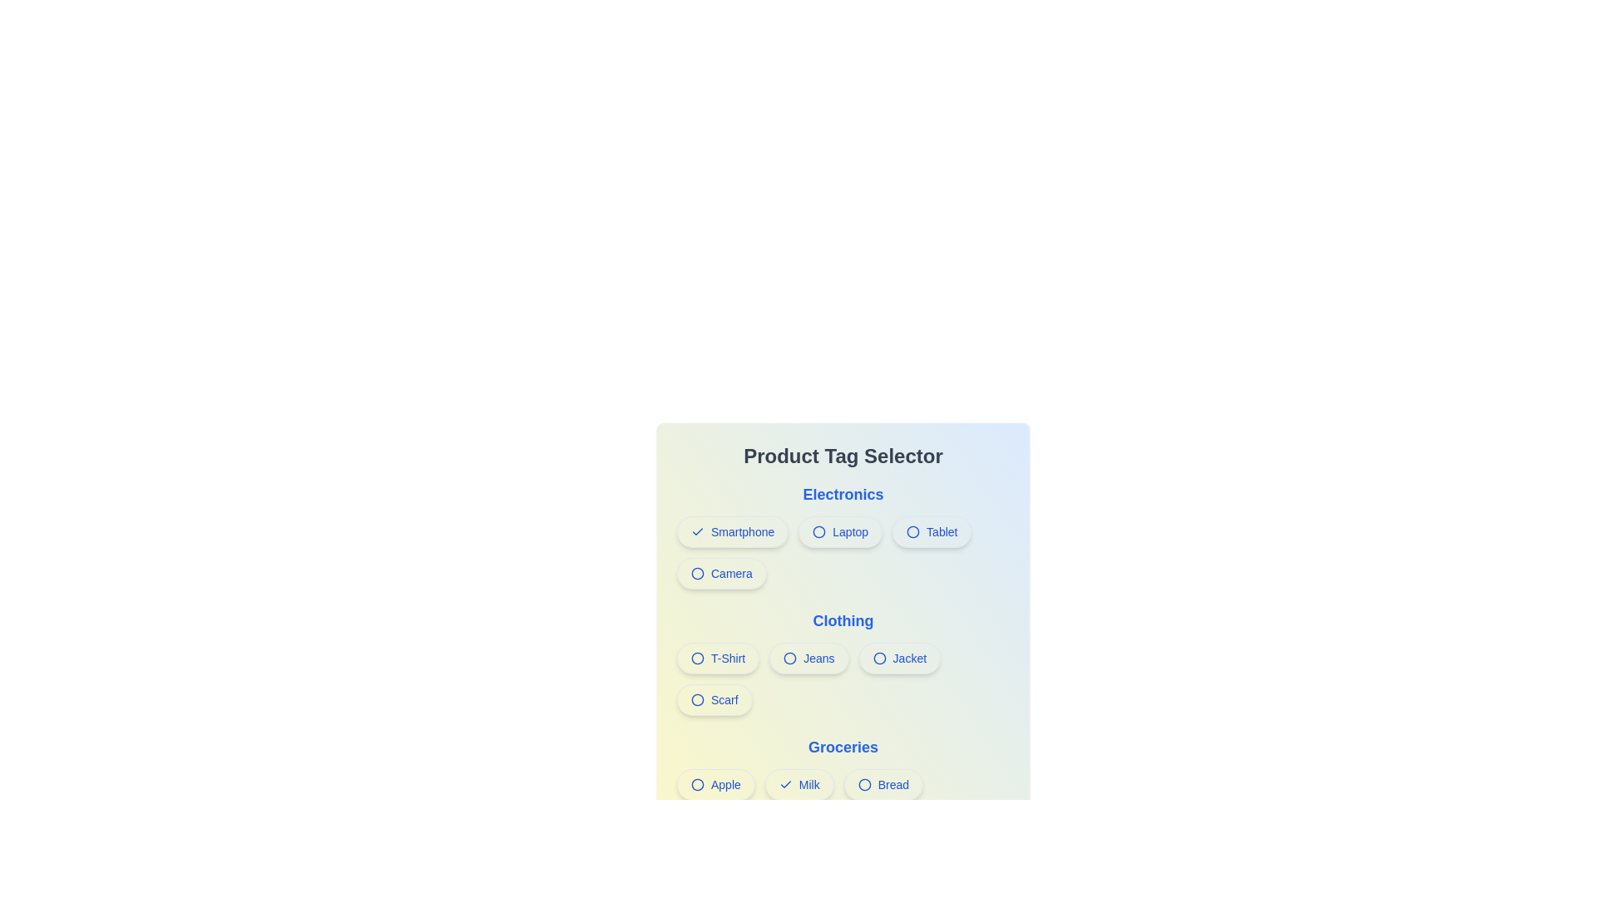  I want to click on the 'Tablet' selection button in the 'Electronics' category, so click(932, 532).